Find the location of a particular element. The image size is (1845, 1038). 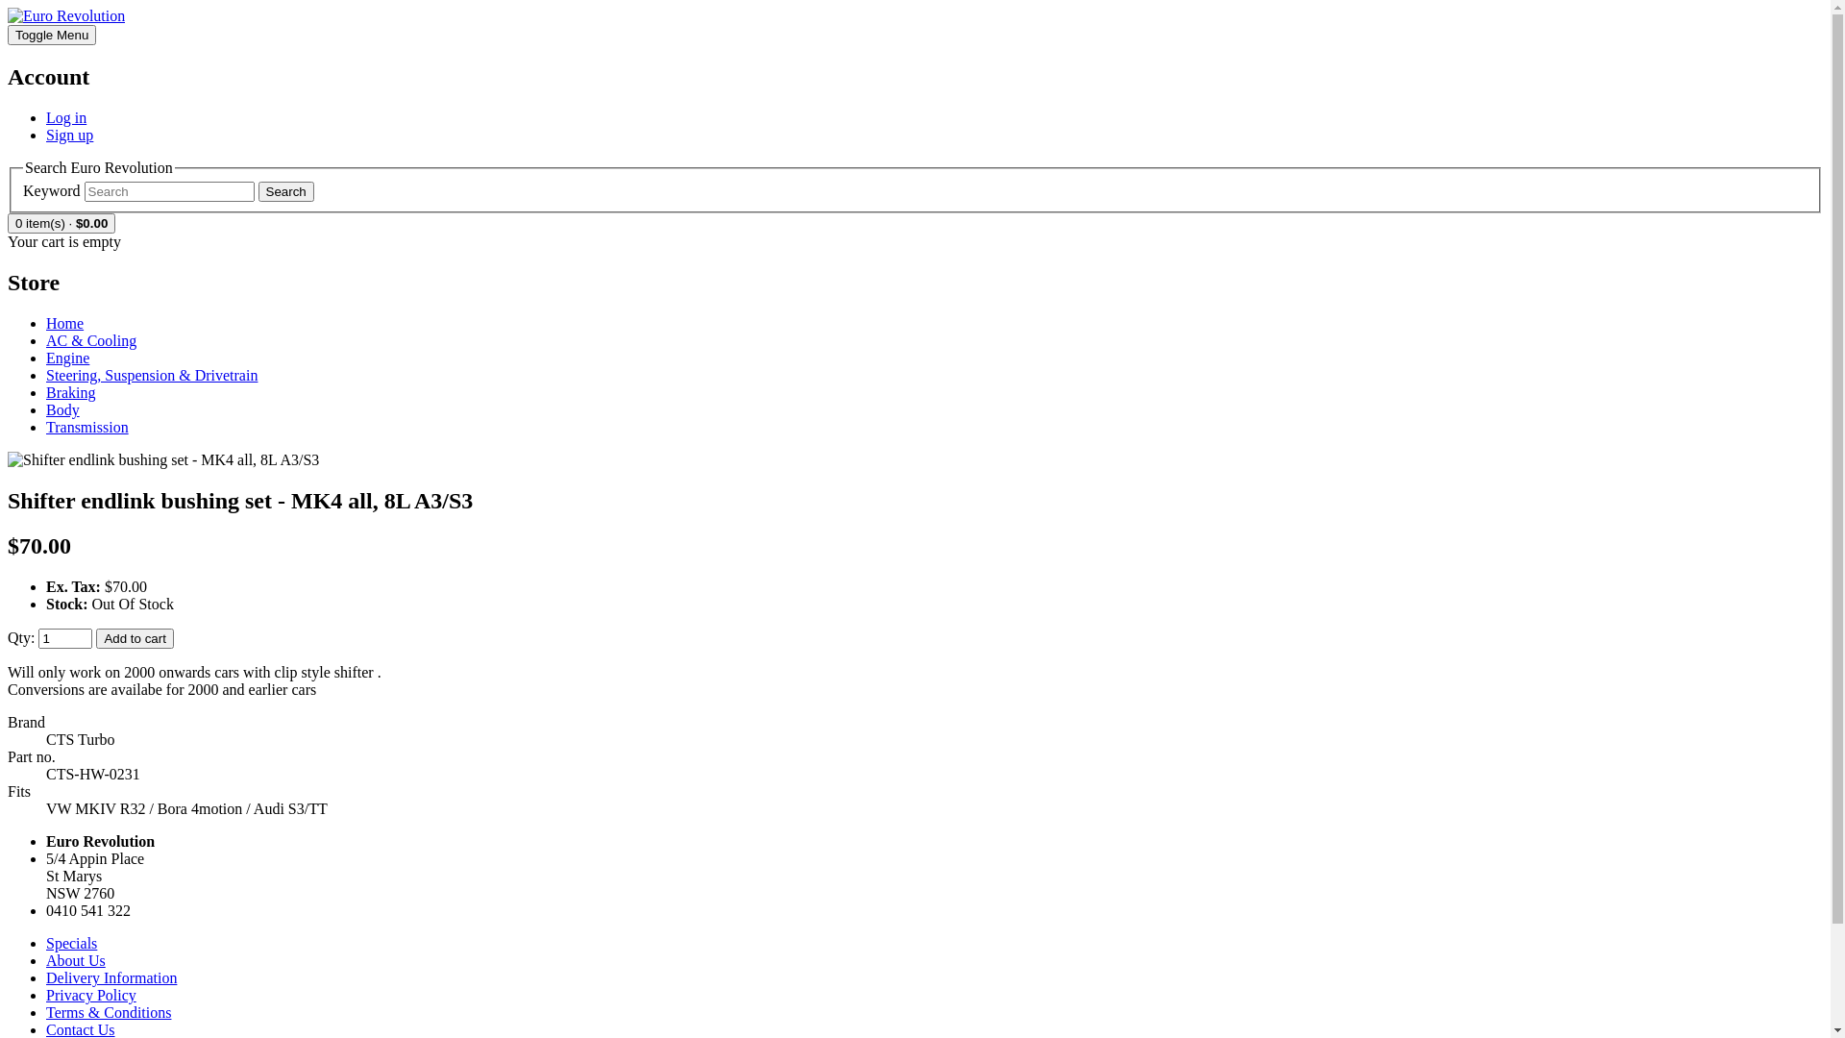

'Sign up' is located at coordinates (69, 134).